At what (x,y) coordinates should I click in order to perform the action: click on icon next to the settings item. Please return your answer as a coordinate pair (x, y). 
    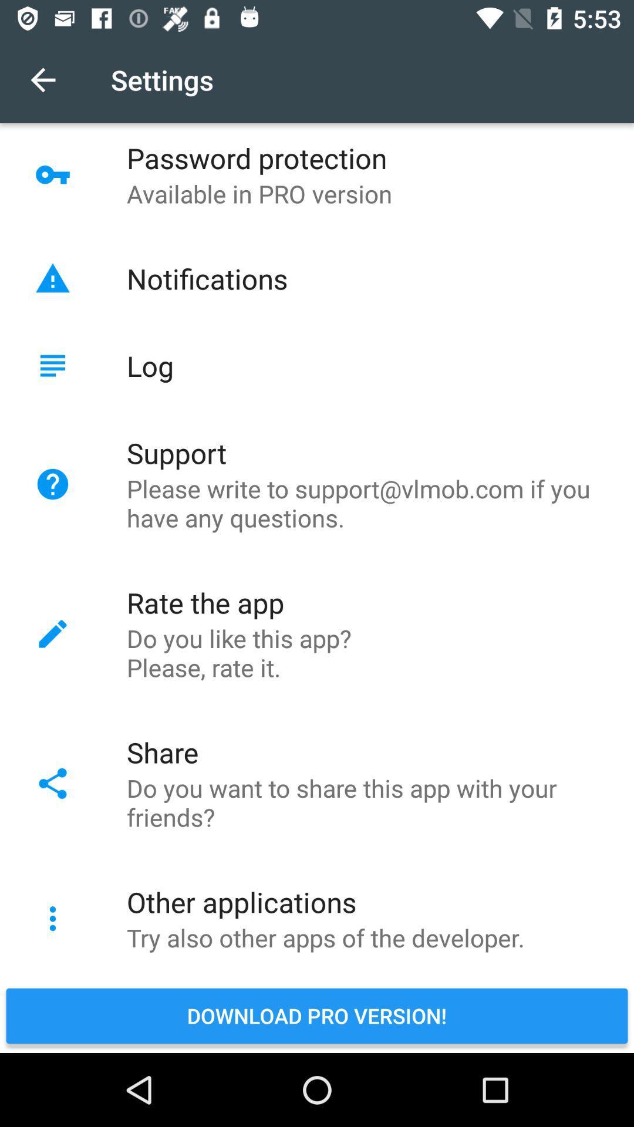
    Looking at the image, I should click on (42, 79).